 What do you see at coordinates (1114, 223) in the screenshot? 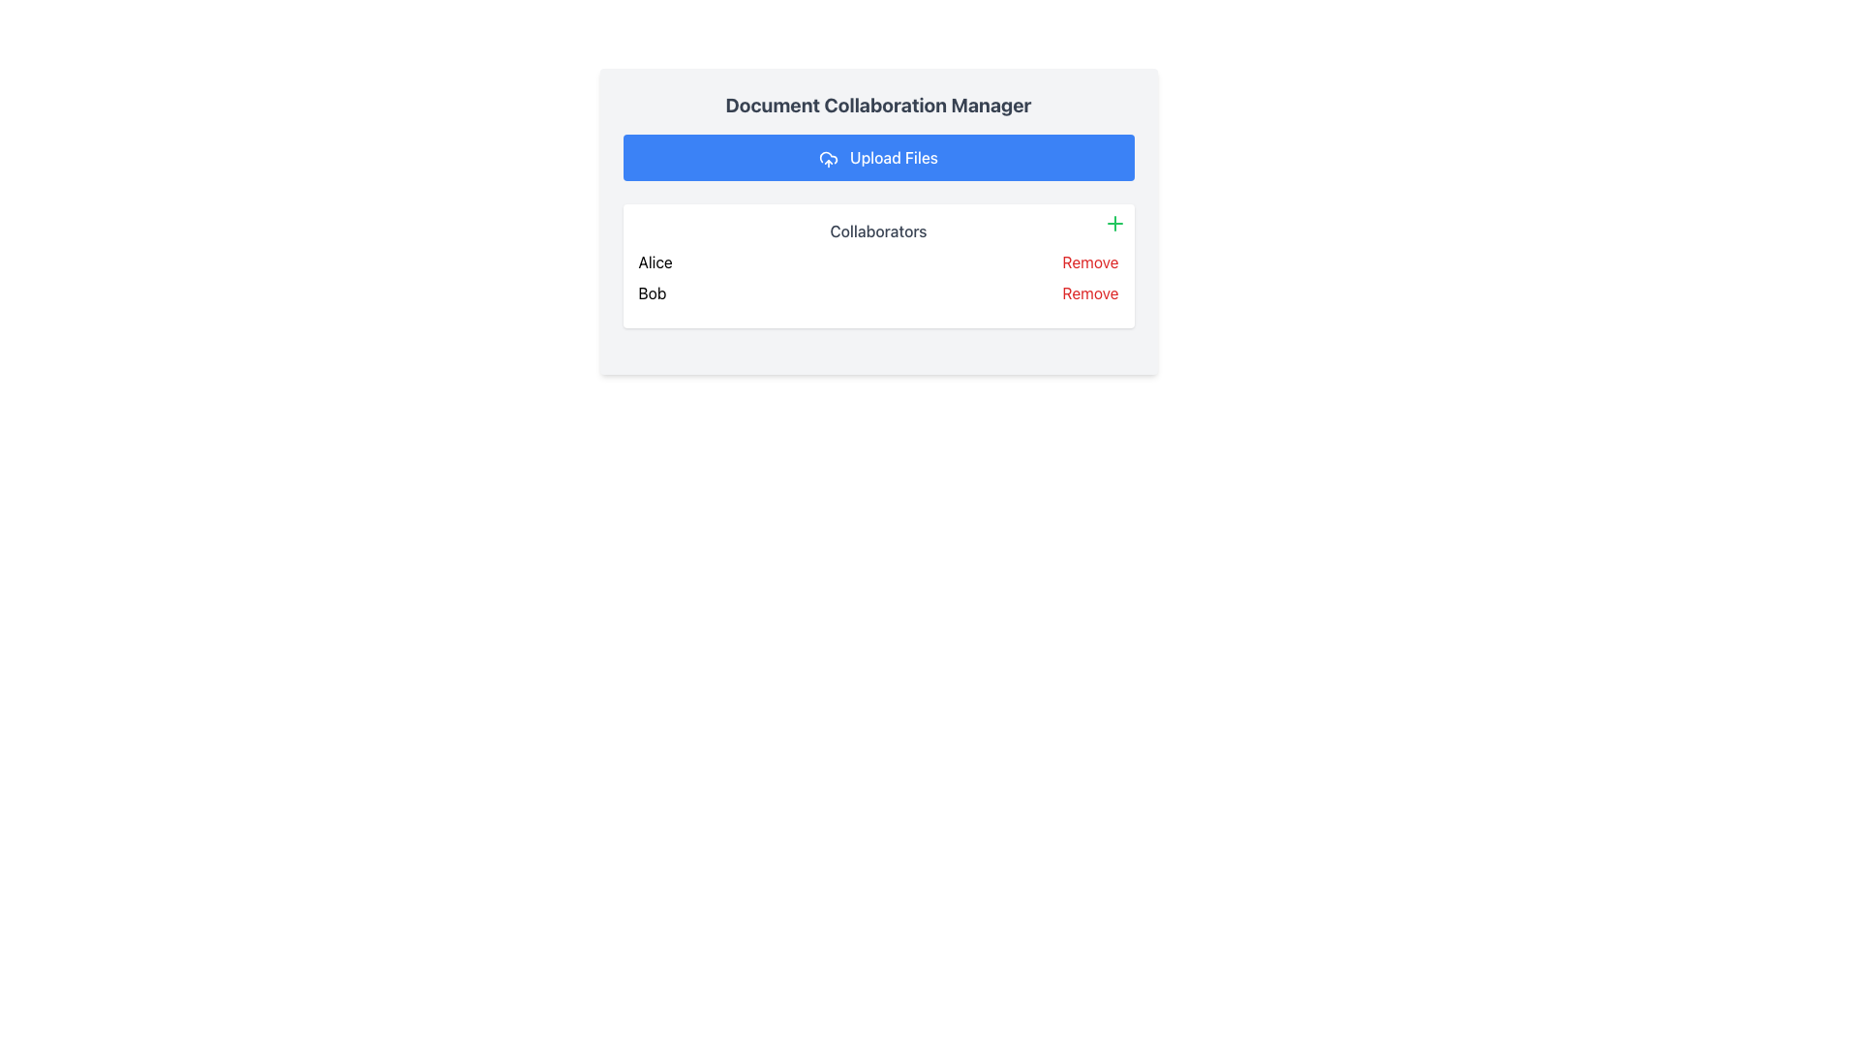
I see `the interactive button in the top-right corner of the 'Collaborators' section` at bounding box center [1114, 223].